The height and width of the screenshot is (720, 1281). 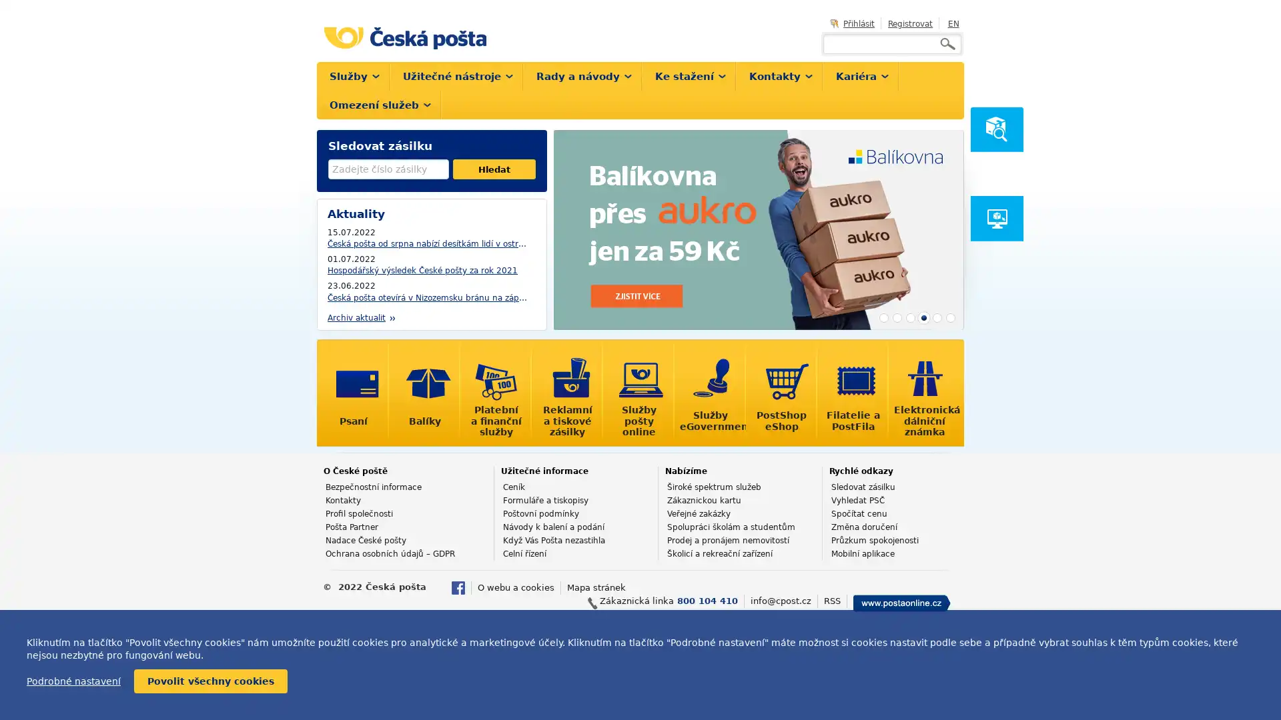 What do you see at coordinates (493, 169) in the screenshot?
I see `Hledat` at bounding box center [493, 169].